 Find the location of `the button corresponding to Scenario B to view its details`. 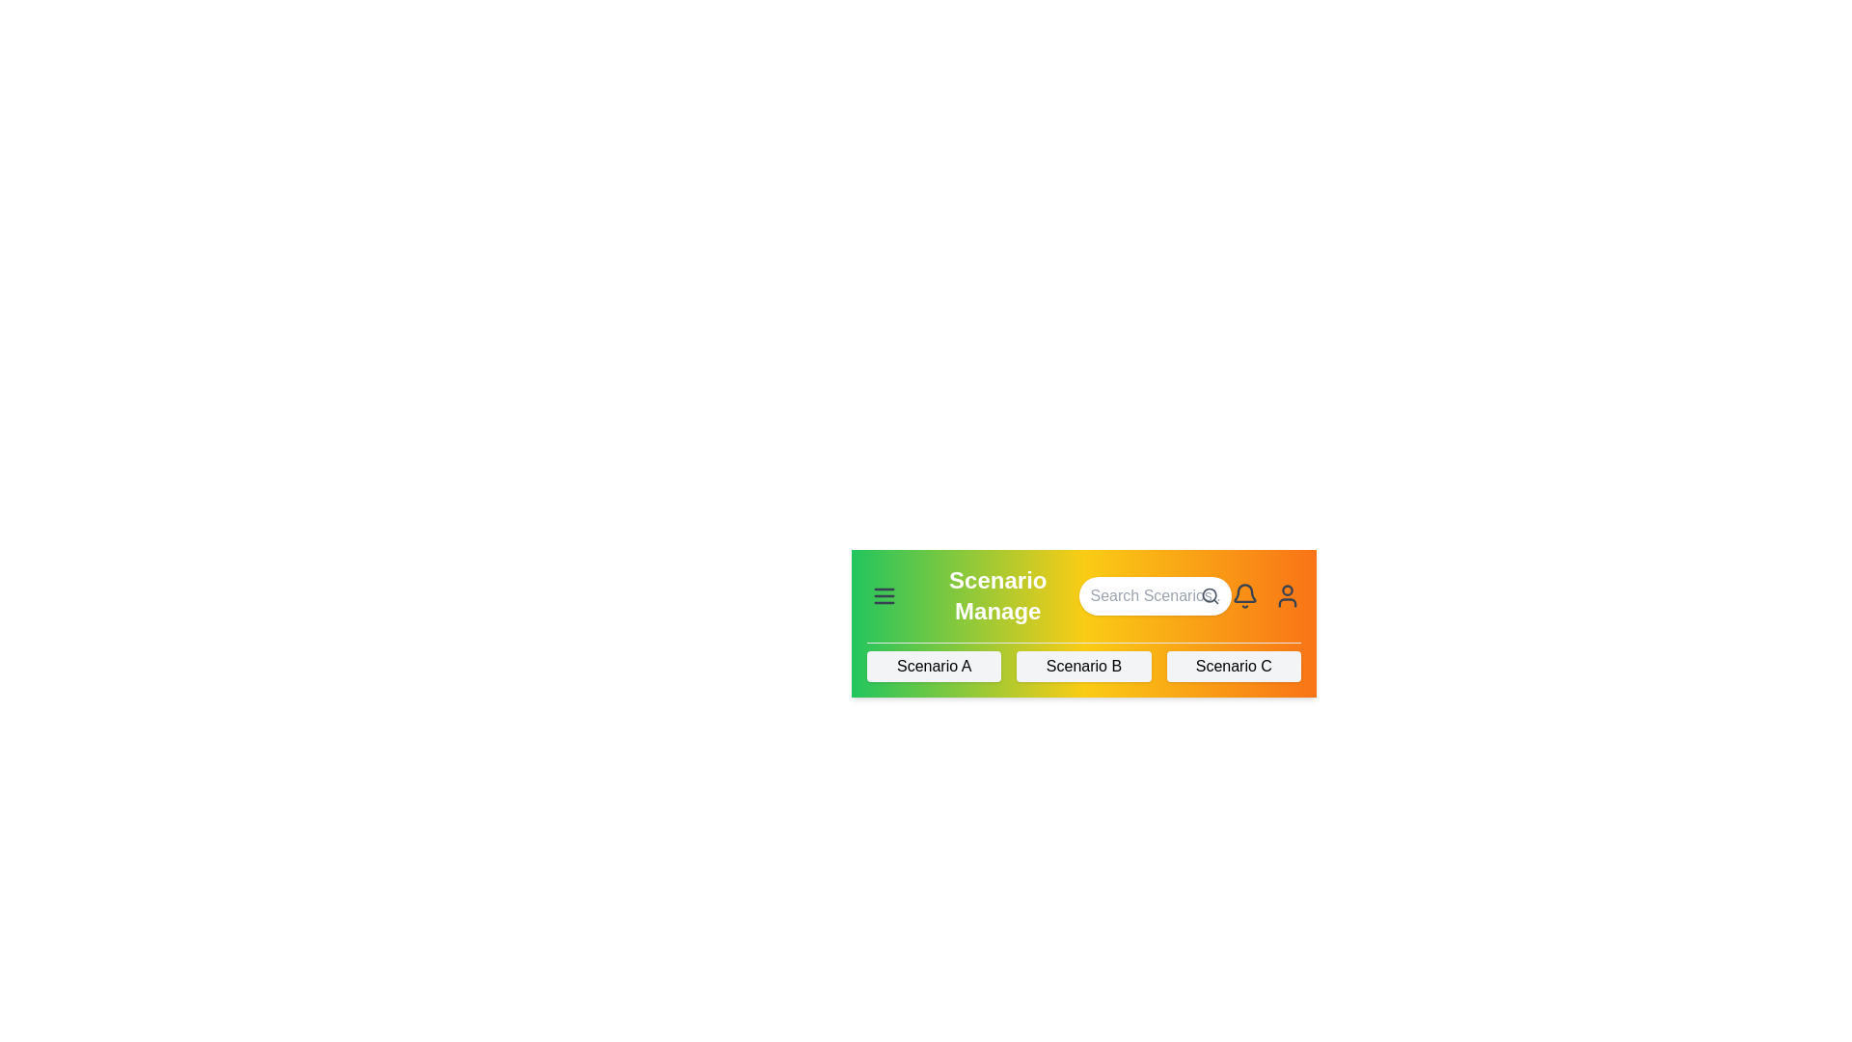

the button corresponding to Scenario B to view its details is located at coordinates (1083, 665).